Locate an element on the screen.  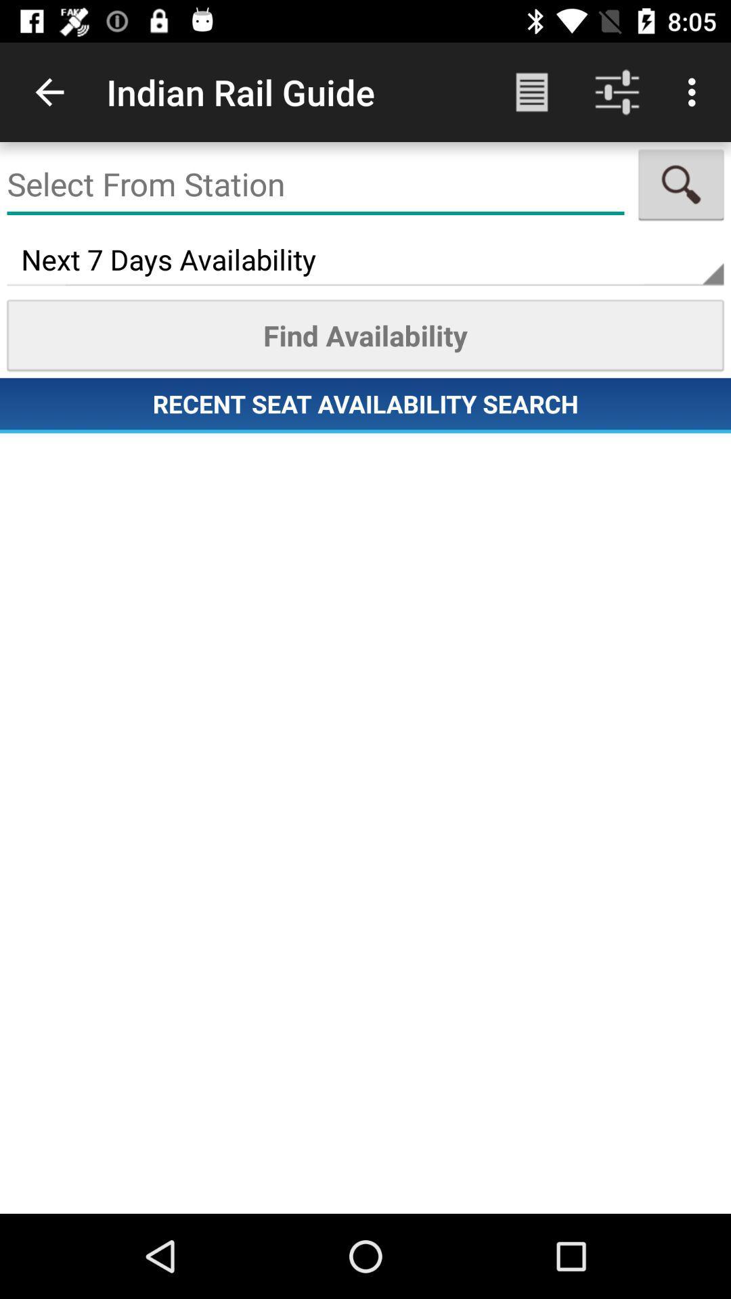
search for input is located at coordinates (681, 184).